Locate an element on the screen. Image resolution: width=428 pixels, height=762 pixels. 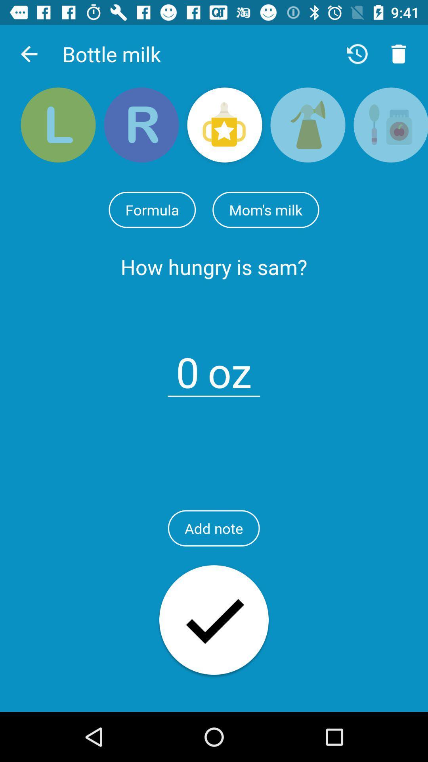
ounces of formula is located at coordinates (187, 367).